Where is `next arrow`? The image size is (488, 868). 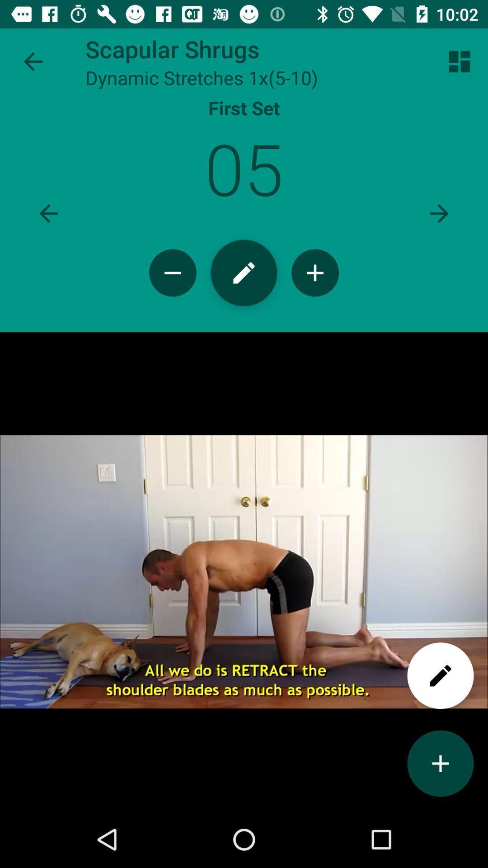
next arrow is located at coordinates (439, 213).